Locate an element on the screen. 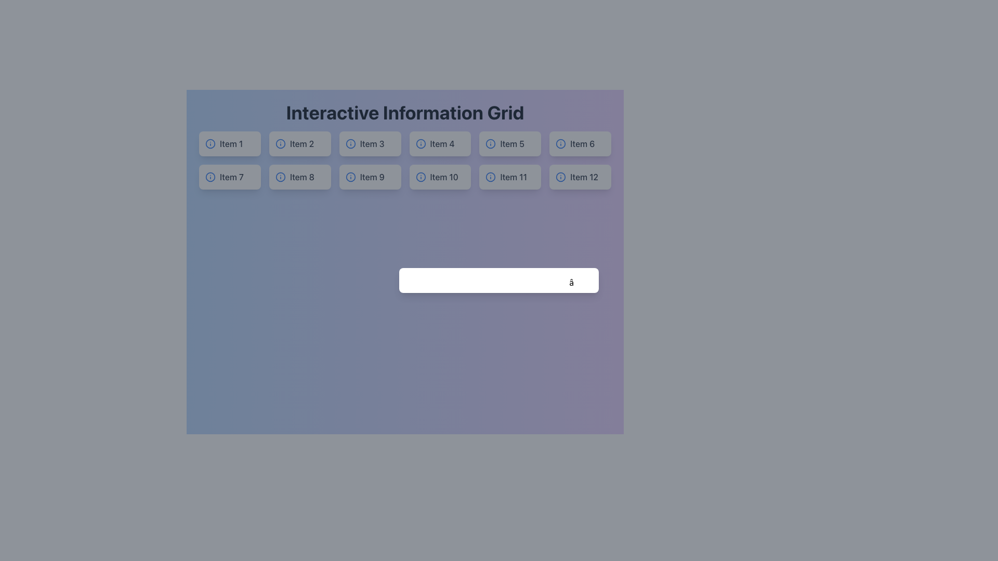 The height and width of the screenshot is (561, 998). the 'Item 4' text label, which is the fourth item in the interactive information grid and serves as a visual identifier for users is located at coordinates (442, 144).